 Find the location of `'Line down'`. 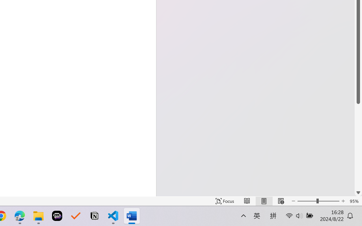

'Line down' is located at coordinates (358, 193).